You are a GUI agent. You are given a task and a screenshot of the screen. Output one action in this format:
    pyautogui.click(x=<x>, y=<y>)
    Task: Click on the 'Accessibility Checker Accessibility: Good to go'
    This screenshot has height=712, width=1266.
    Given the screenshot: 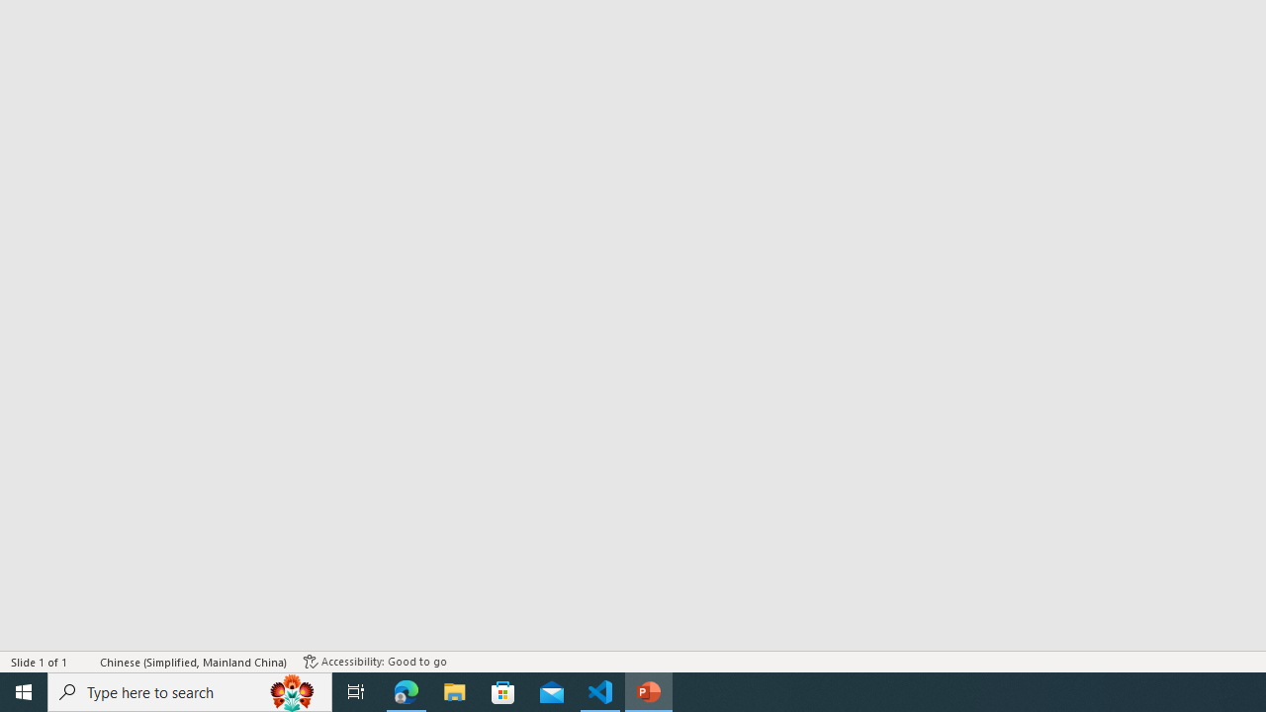 What is the action you would take?
    pyautogui.click(x=375, y=662)
    